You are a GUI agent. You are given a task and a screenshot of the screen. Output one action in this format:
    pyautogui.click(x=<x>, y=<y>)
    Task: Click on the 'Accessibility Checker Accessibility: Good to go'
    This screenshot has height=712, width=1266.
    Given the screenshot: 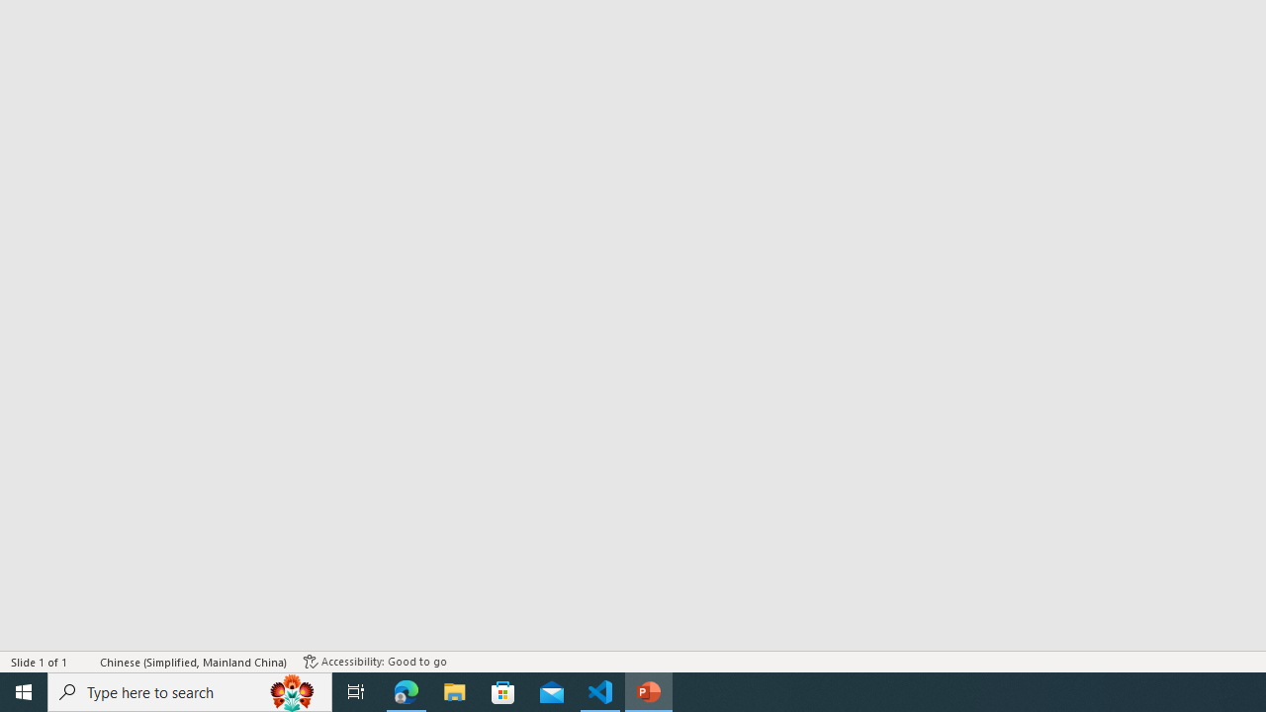 What is the action you would take?
    pyautogui.click(x=375, y=662)
    